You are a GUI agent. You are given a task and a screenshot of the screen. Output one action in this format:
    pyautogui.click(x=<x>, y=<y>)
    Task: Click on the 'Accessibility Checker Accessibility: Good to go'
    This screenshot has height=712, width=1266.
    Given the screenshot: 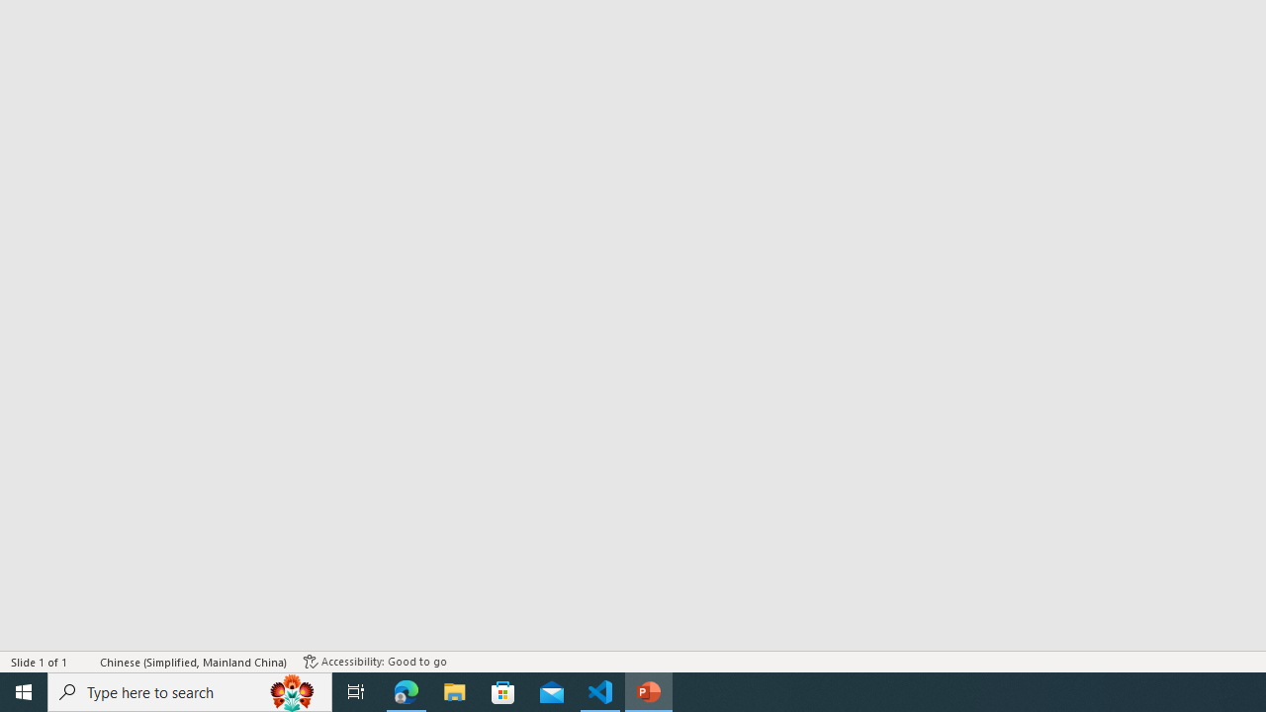 What is the action you would take?
    pyautogui.click(x=375, y=662)
    